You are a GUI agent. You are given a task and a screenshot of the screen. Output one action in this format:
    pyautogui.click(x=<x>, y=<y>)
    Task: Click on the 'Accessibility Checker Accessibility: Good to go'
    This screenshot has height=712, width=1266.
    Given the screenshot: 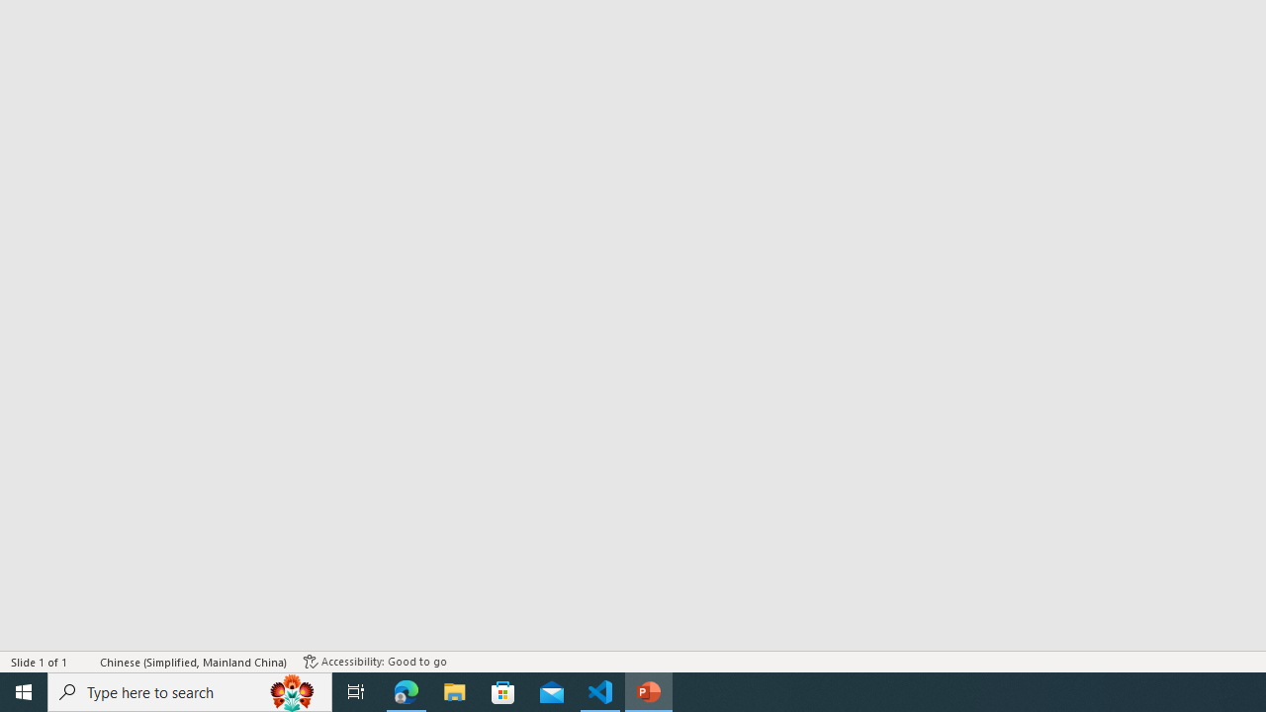 What is the action you would take?
    pyautogui.click(x=375, y=662)
    